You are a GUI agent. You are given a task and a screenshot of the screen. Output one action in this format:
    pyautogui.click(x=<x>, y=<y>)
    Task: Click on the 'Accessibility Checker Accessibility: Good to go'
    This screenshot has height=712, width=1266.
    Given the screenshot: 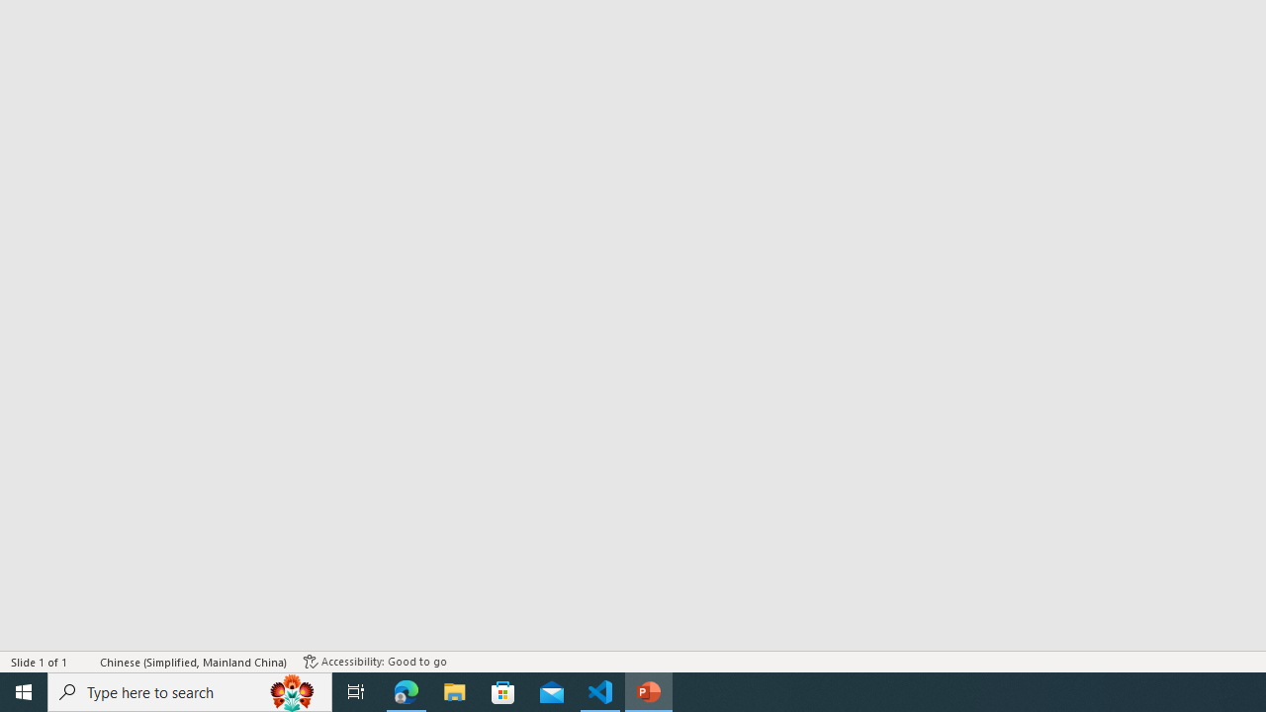 What is the action you would take?
    pyautogui.click(x=375, y=662)
    